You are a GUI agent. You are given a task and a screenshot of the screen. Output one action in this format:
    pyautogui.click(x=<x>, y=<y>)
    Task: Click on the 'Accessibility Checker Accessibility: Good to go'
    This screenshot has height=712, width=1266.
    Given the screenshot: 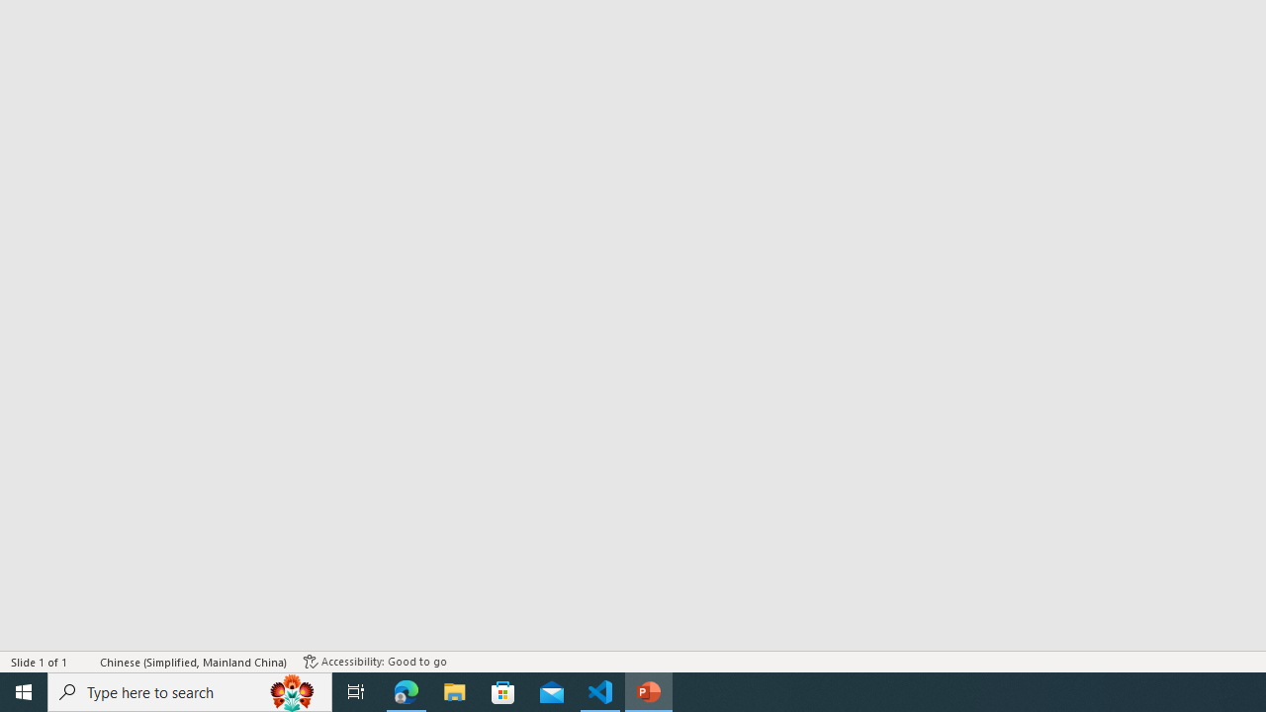 What is the action you would take?
    pyautogui.click(x=375, y=662)
    